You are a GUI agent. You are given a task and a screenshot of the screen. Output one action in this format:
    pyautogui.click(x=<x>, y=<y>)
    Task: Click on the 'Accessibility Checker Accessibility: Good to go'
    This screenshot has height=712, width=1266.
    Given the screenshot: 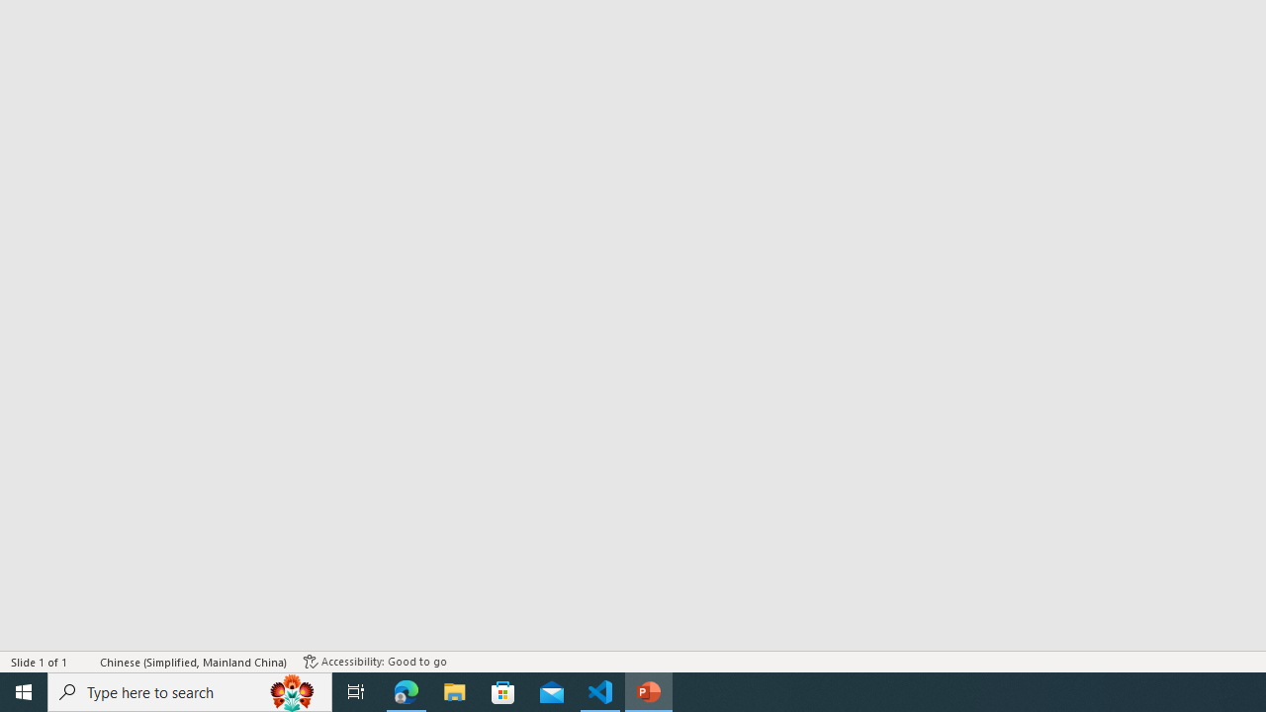 What is the action you would take?
    pyautogui.click(x=375, y=662)
    